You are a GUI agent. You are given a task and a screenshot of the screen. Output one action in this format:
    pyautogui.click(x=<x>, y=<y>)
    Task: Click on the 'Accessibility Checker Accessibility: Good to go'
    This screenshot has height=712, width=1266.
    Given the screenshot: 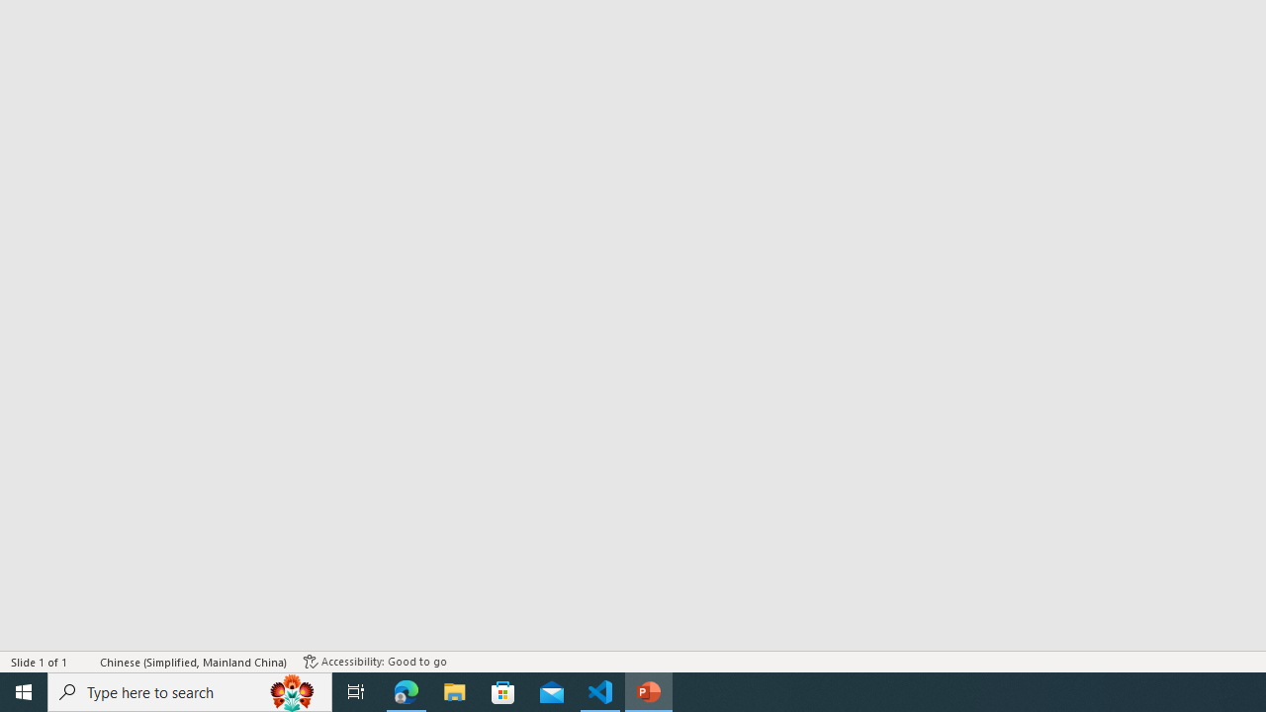 What is the action you would take?
    pyautogui.click(x=375, y=662)
    